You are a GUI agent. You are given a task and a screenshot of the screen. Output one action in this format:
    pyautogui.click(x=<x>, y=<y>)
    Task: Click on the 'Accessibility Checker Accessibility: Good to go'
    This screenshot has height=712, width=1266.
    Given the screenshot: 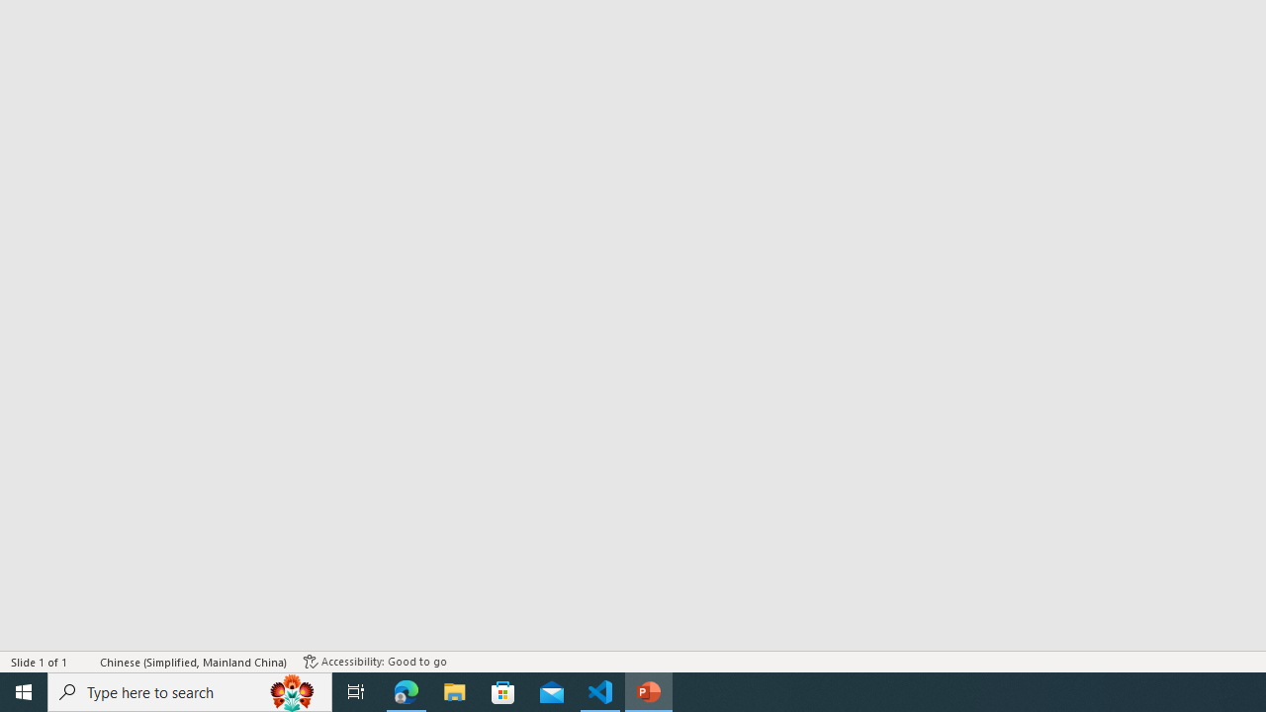 What is the action you would take?
    pyautogui.click(x=375, y=662)
    